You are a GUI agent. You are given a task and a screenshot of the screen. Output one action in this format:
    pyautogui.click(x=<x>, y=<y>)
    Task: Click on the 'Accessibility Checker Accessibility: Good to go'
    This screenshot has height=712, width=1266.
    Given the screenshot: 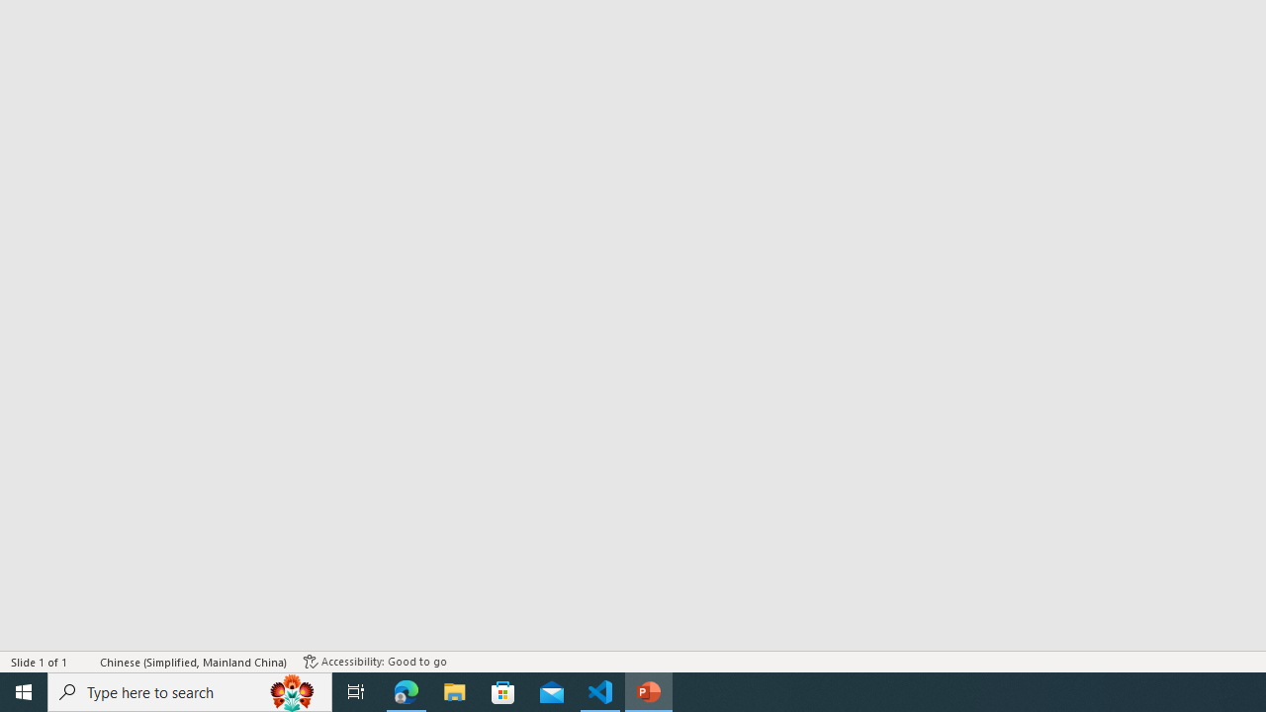 What is the action you would take?
    pyautogui.click(x=375, y=662)
    